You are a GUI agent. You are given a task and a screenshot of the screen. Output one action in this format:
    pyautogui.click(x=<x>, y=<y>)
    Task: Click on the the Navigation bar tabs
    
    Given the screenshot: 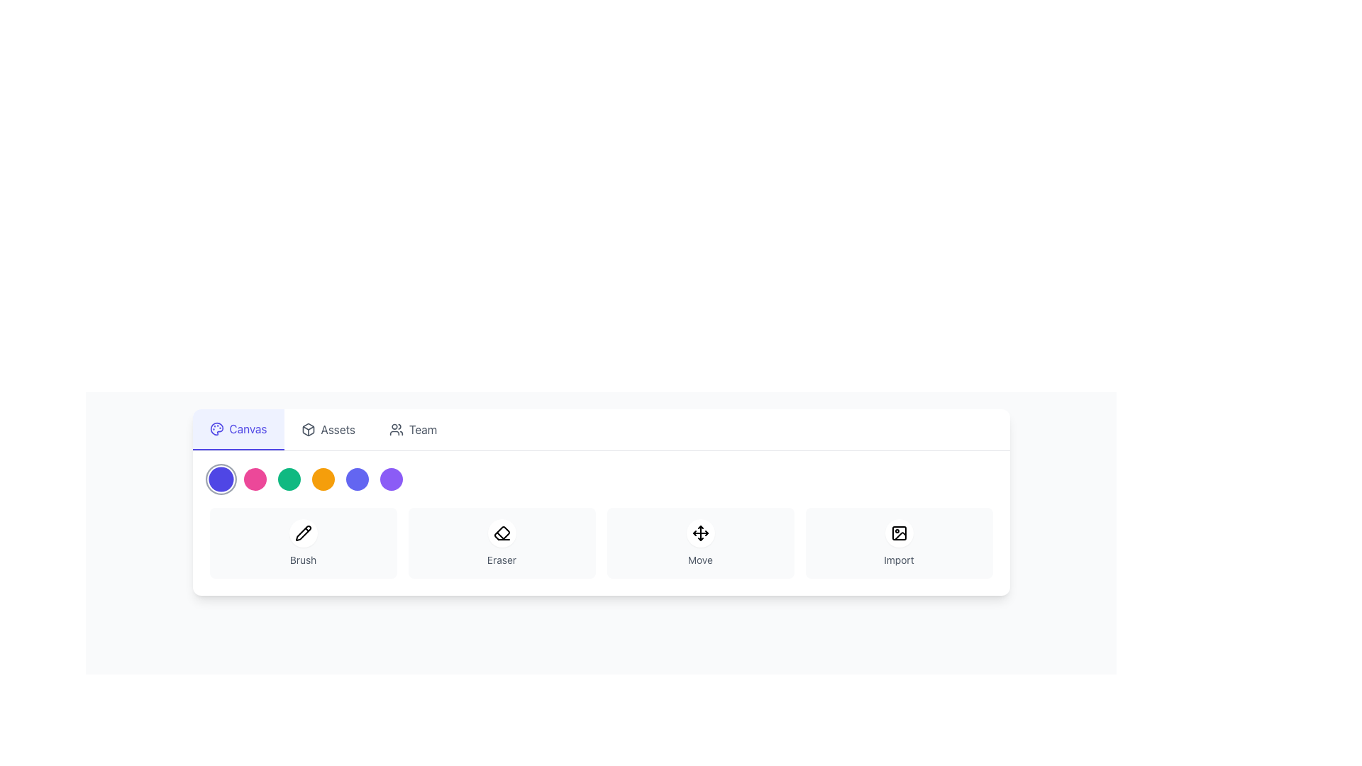 What is the action you would take?
    pyautogui.click(x=601, y=429)
    